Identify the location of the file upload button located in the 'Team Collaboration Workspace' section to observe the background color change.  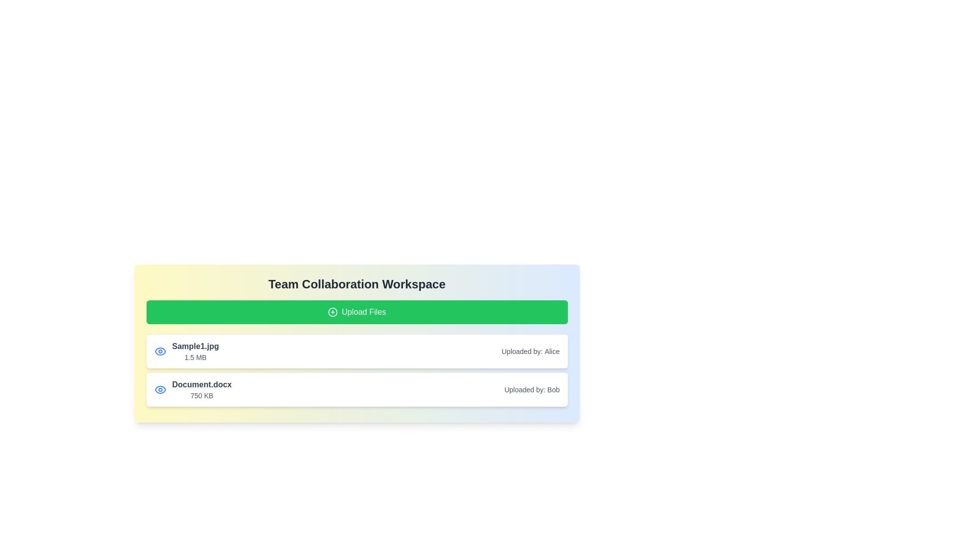
(357, 312).